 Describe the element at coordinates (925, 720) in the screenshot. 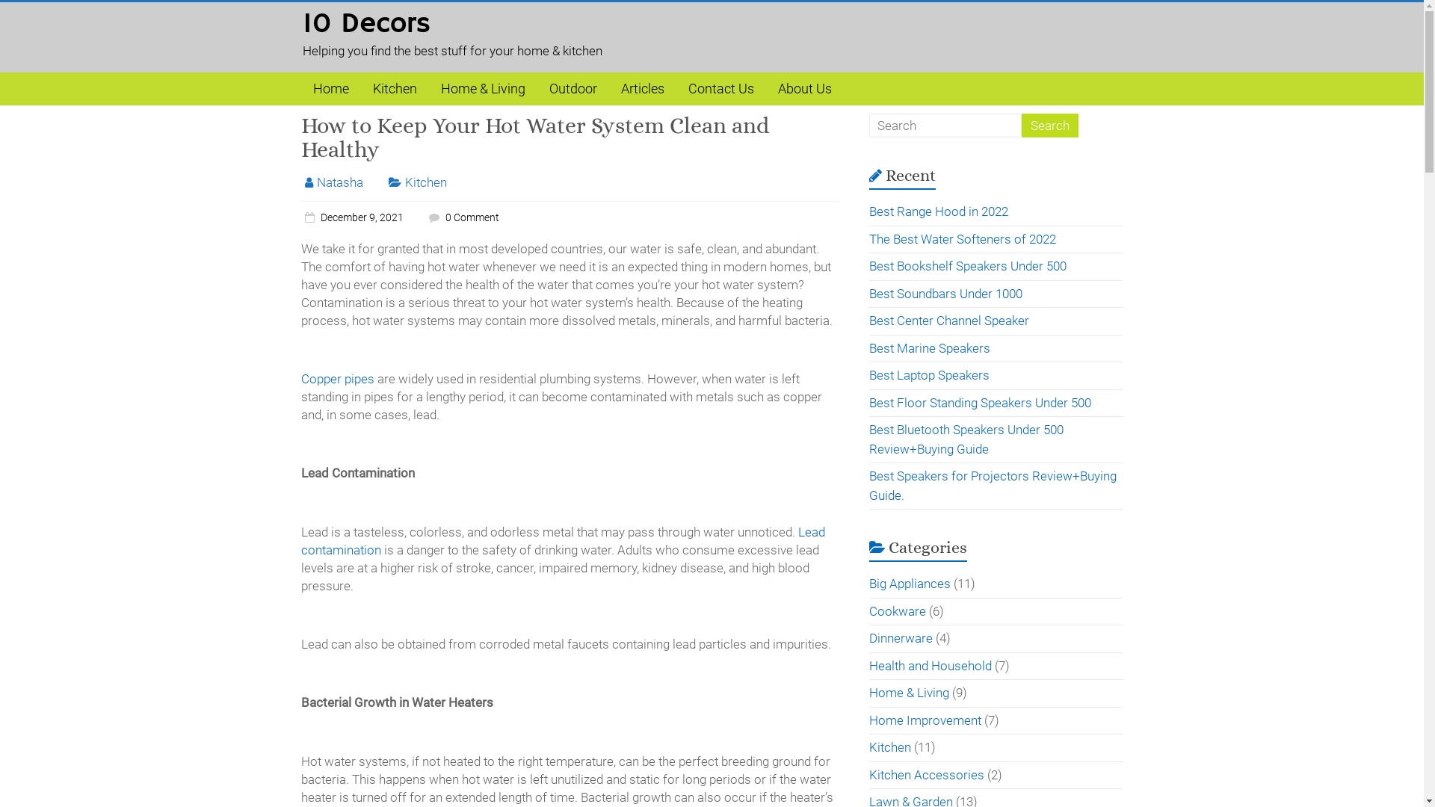

I see `'Home Improvement'` at that location.